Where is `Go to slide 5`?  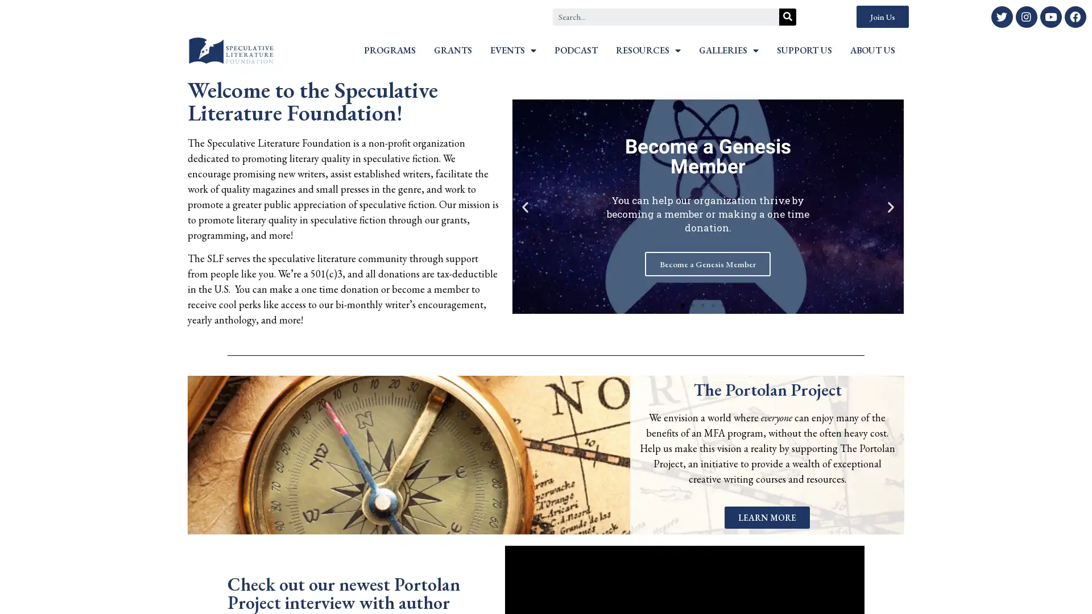
Go to slide 5 is located at coordinates (723, 304).